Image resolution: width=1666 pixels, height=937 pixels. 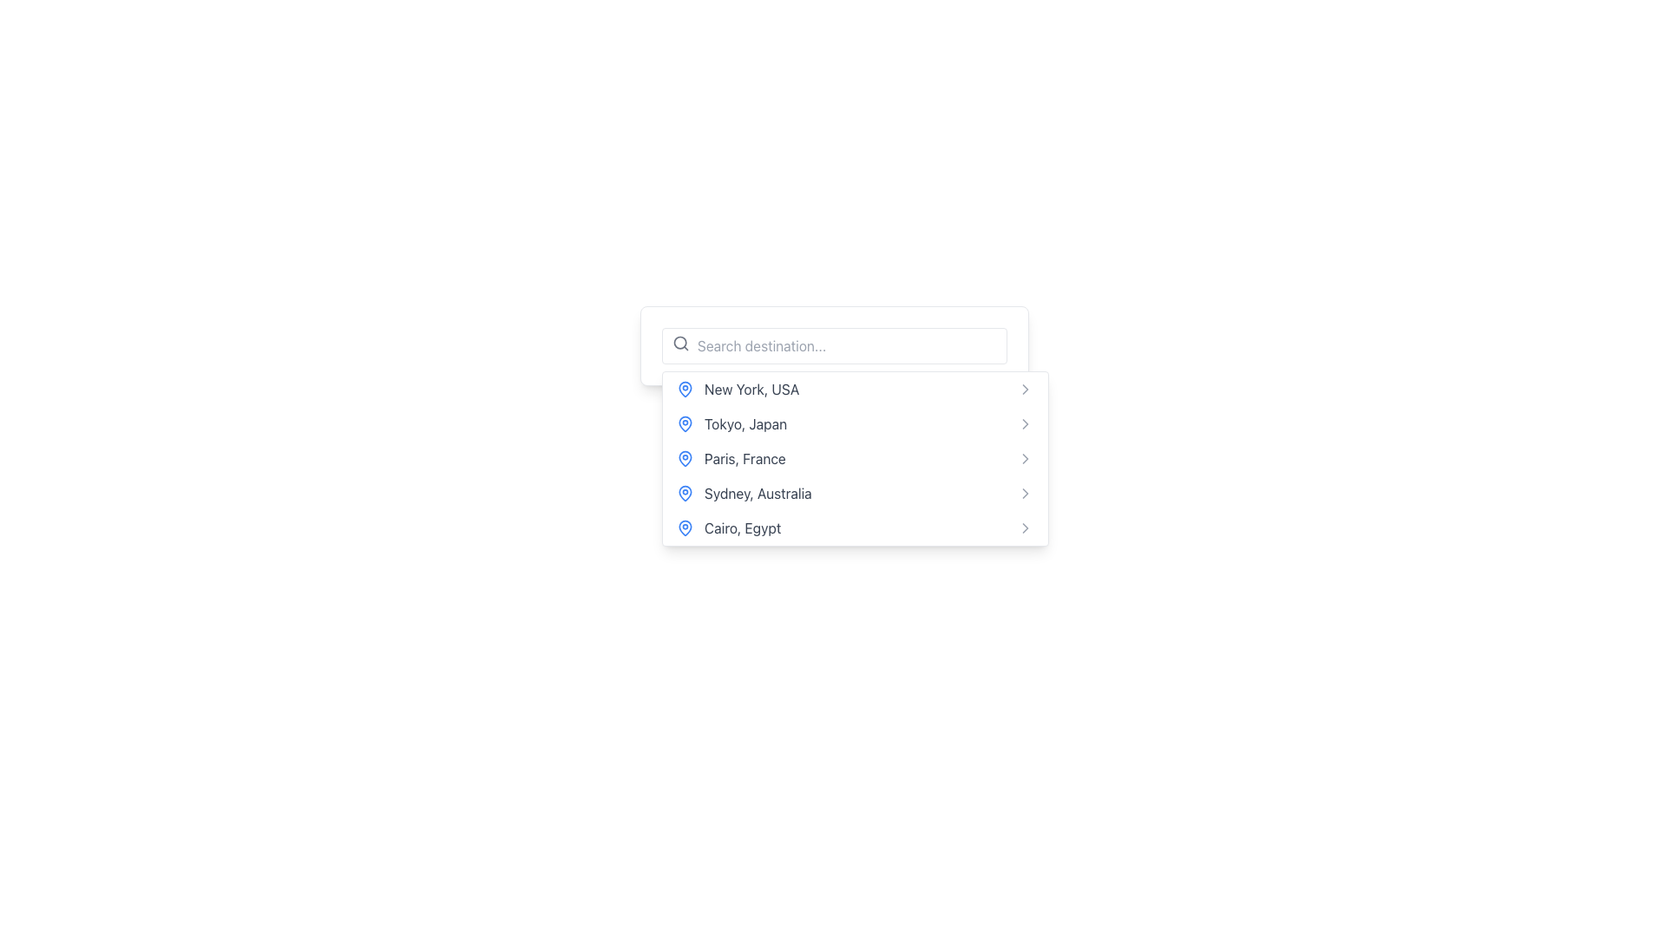 I want to click on the list item labeled 'Paris, France', so click(x=855, y=457).